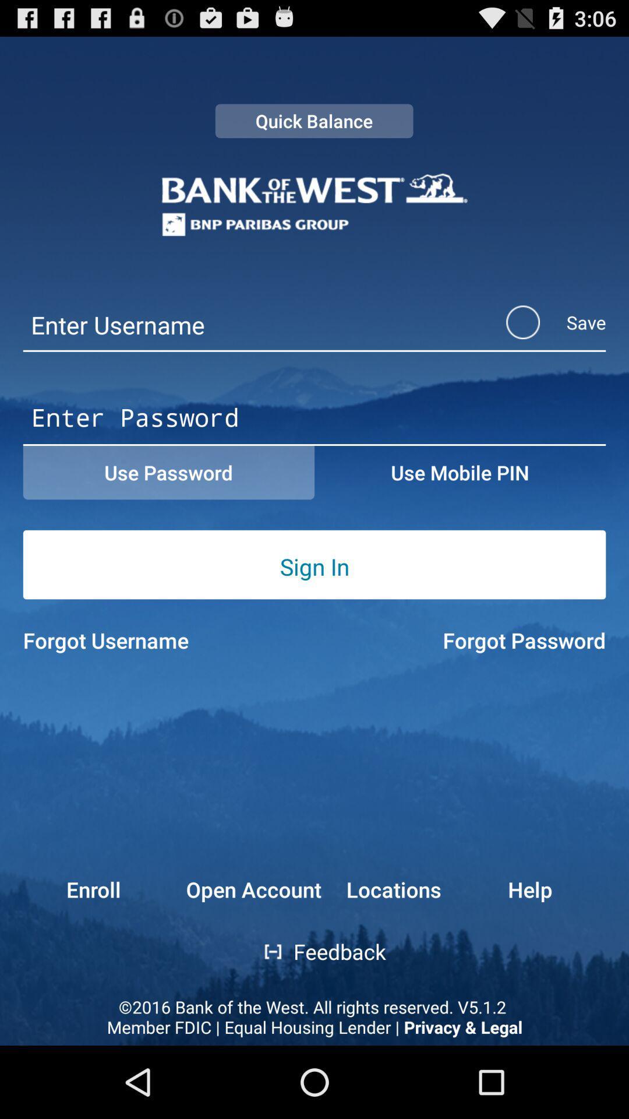 The width and height of the screenshot is (629, 1119). What do you see at coordinates (393, 889) in the screenshot?
I see `button next to the help button` at bounding box center [393, 889].